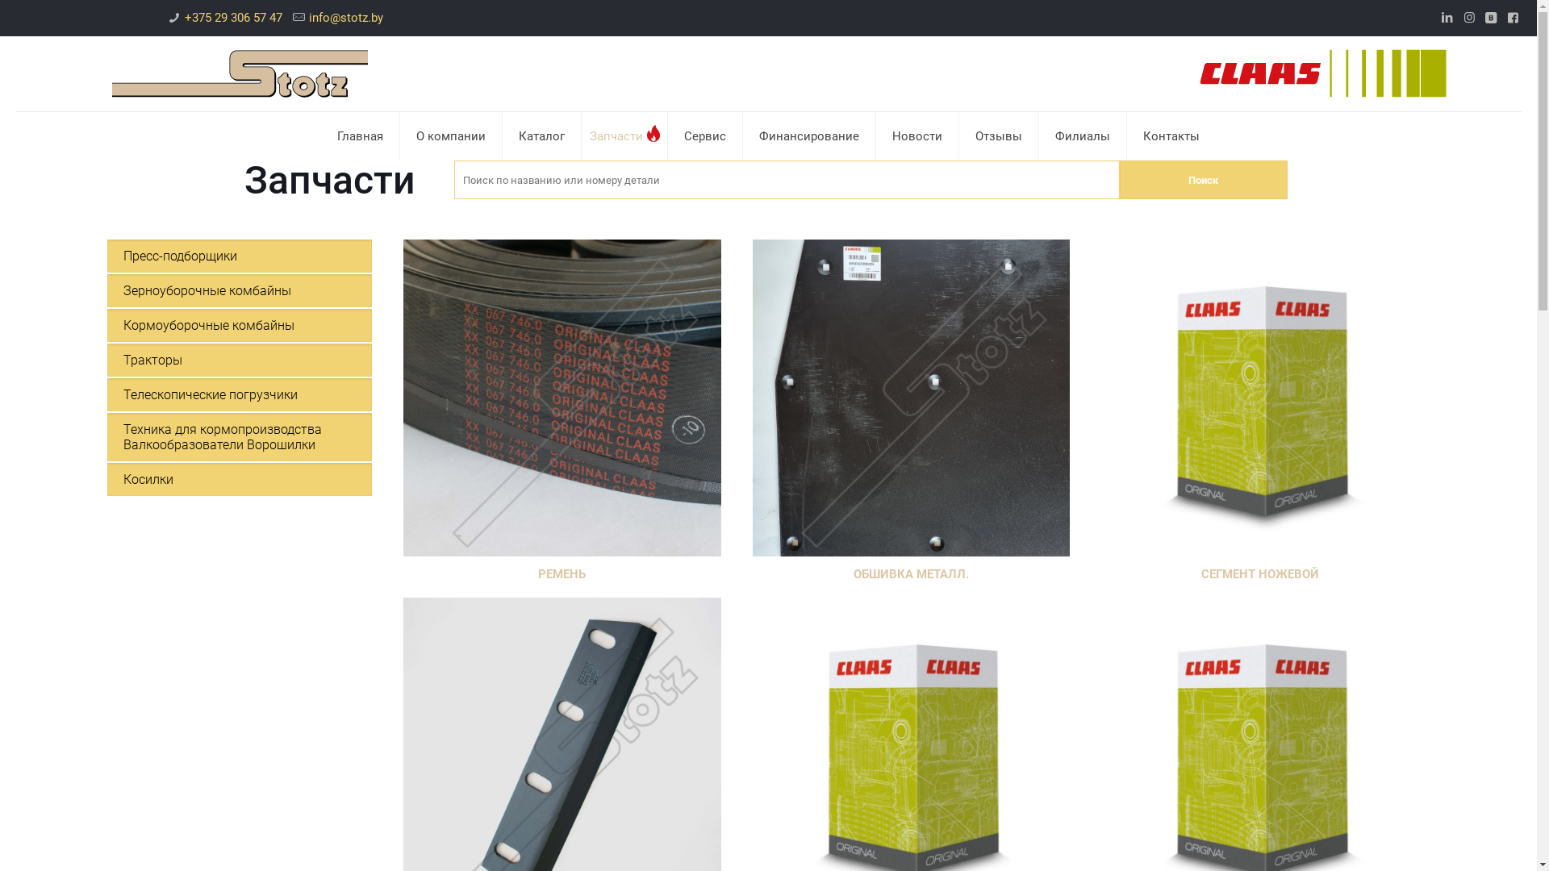 This screenshot has height=871, width=1549. What do you see at coordinates (1066, 640) in the screenshot?
I see `'+ 375 44 517 03 00'` at bounding box center [1066, 640].